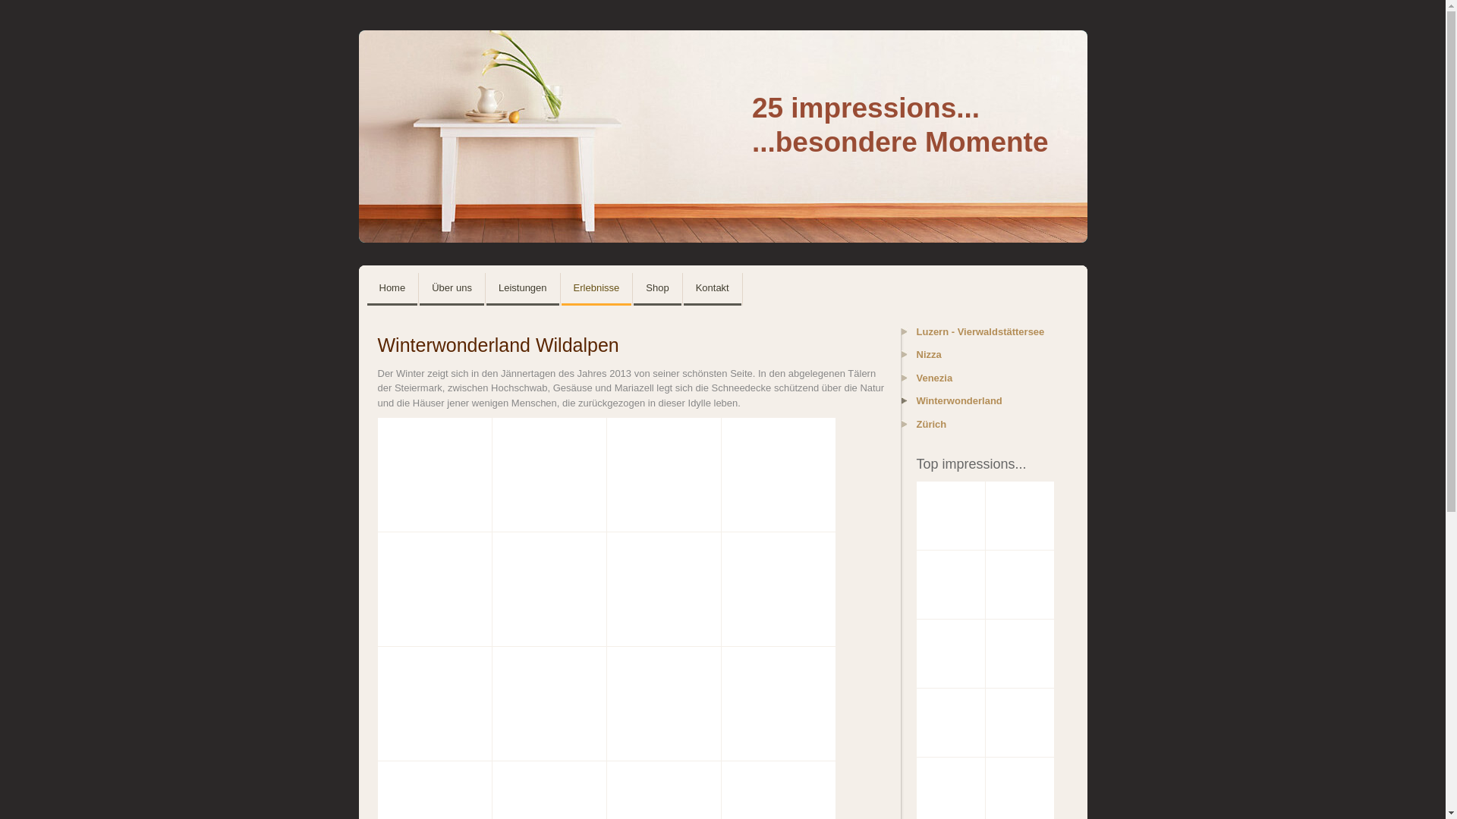 Image resolution: width=1457 pixels, height=819 pixels. Describe the element at coordinates (367, 289) in the screenshot. I see `'Home'` at that location.